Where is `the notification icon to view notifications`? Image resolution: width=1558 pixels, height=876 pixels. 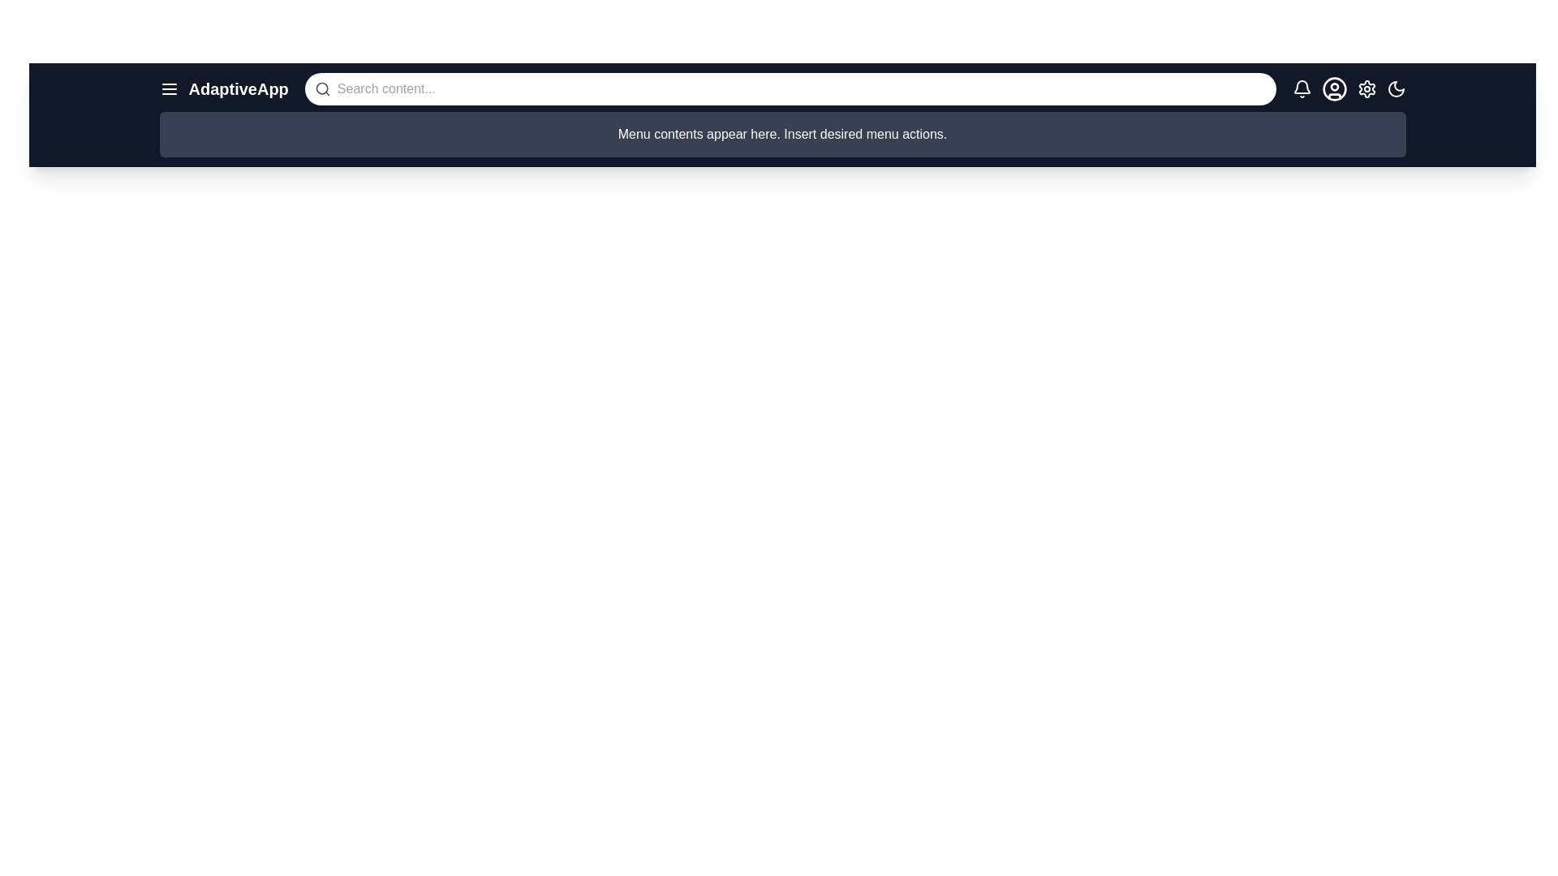
the notification icon to view notifications is located at coordinates (1302, 89).